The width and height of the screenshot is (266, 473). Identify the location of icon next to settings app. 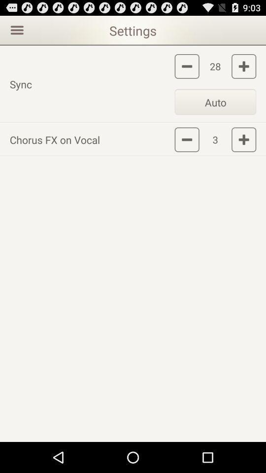
(15, 29).